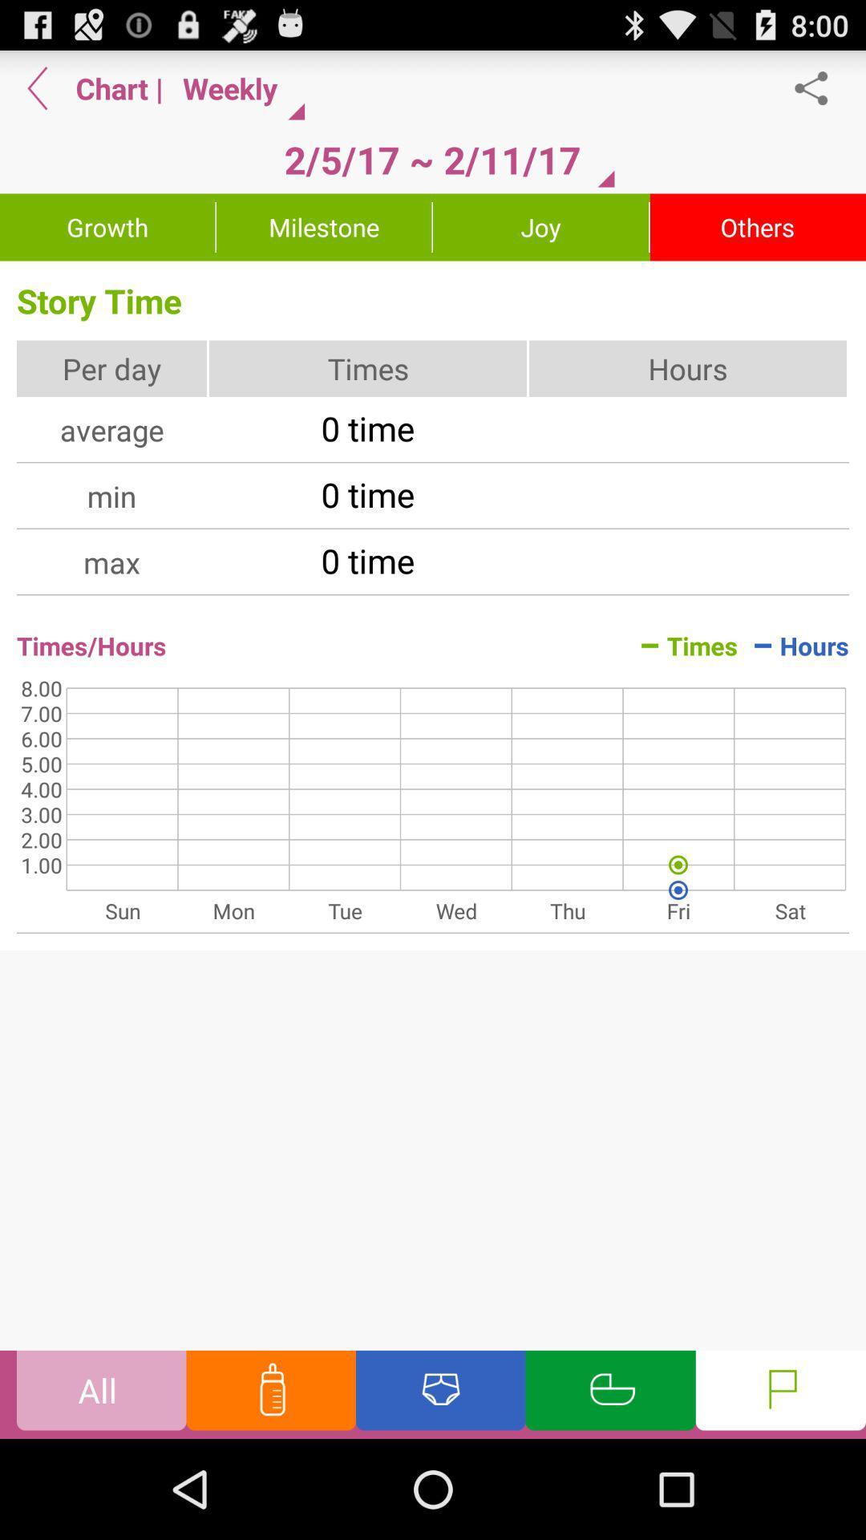 The height and width of the screenshot is (1540, 866). I want to click on share, so click(819, 87).